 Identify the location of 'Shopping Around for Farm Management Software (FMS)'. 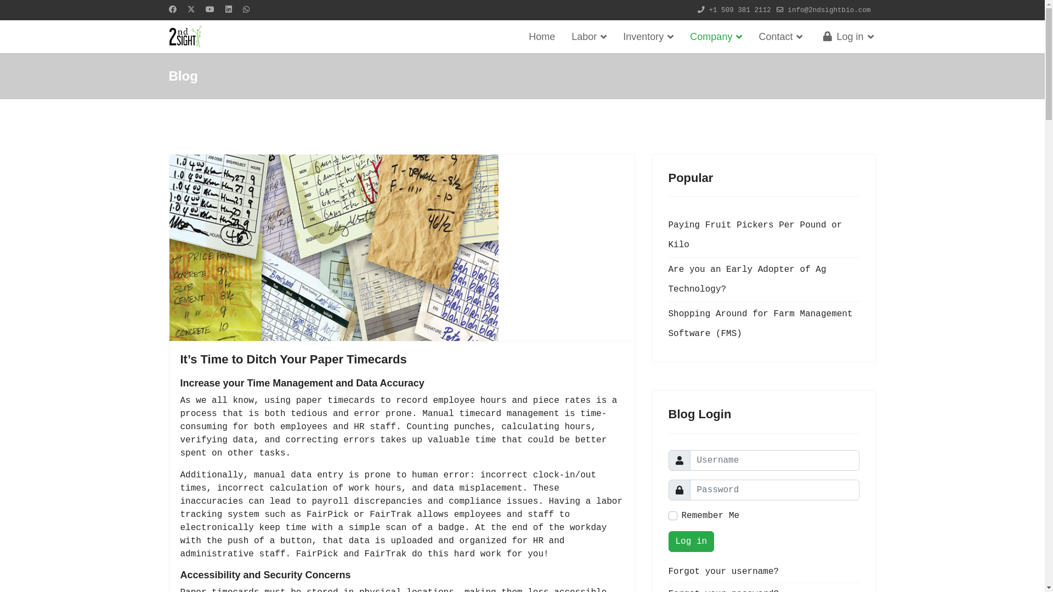
(763, 323).